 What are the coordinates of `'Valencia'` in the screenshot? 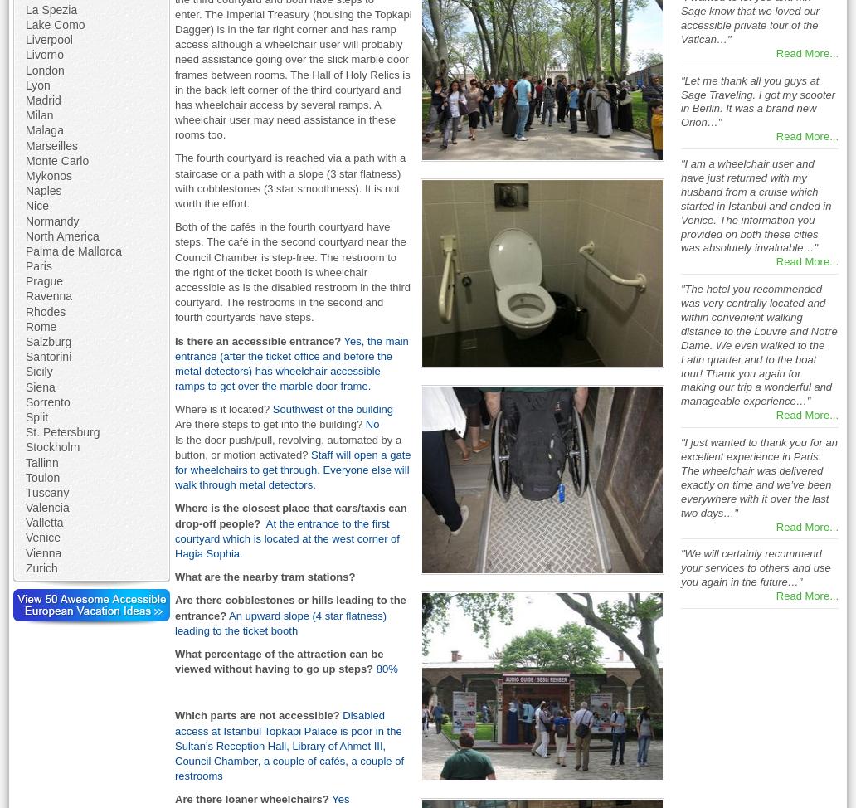 It's located at (46, 506).